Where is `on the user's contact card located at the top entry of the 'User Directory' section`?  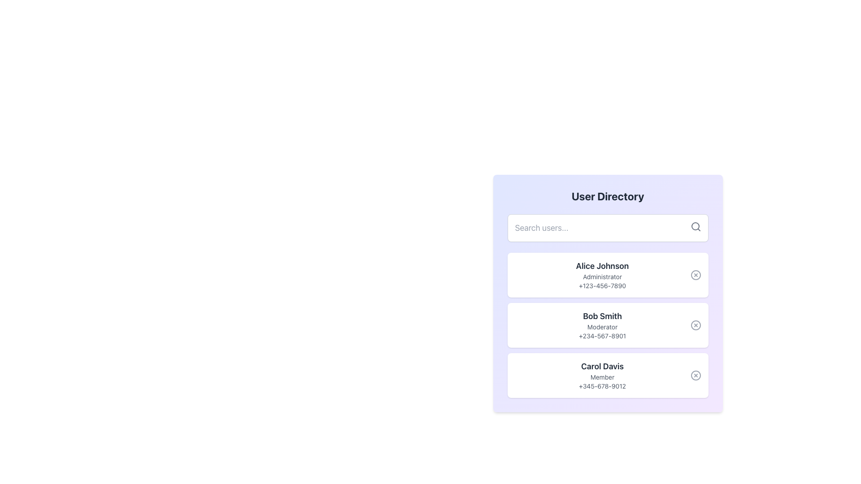
on the user's contact card located at the top entry of the 'User Directory' section is located at coordinates (602, 274).